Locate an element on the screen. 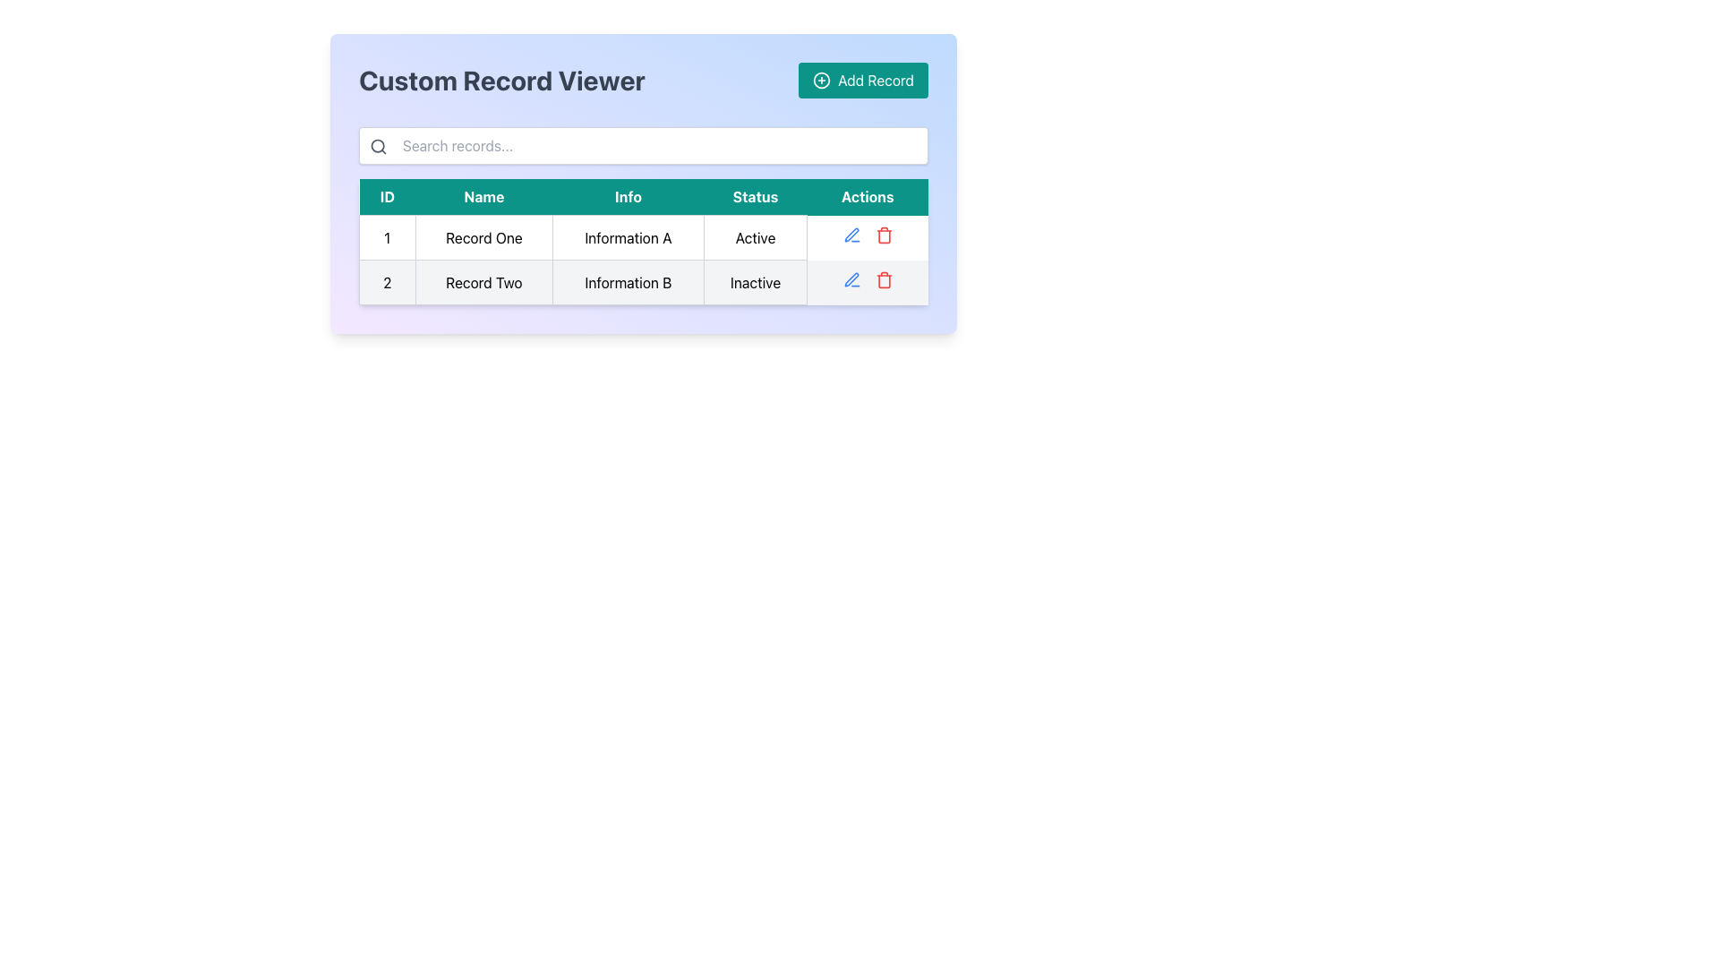 The width and height of the screenshot is (1719, 967). the 'Actions' header label, which is the last header in the table and is displayed in bold, white, capitalized font on a green background is located at coordinates (868, 197).